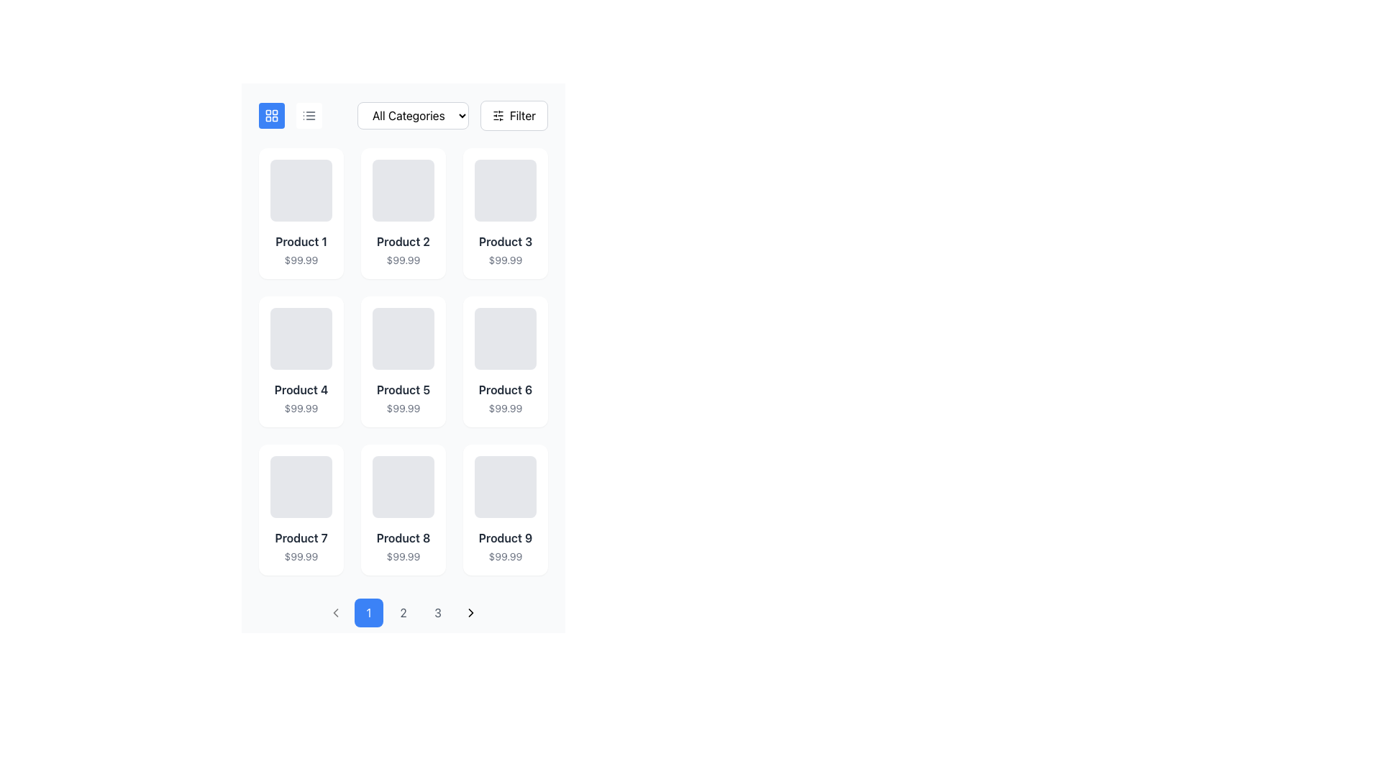  Describe the element at coordinates (505, 338) in the screenshot. I see `the image placeholder located at the top of the 'Product 6 $99.99' card, which serves as a visual placeholder for an image or graphic` at that location.